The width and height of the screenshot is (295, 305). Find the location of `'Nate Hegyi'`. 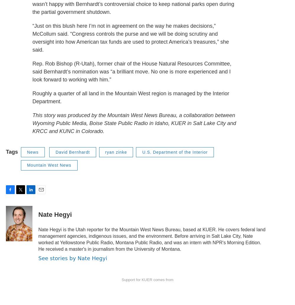

'Nate Hegyi' is located at coordinates (55, 214).